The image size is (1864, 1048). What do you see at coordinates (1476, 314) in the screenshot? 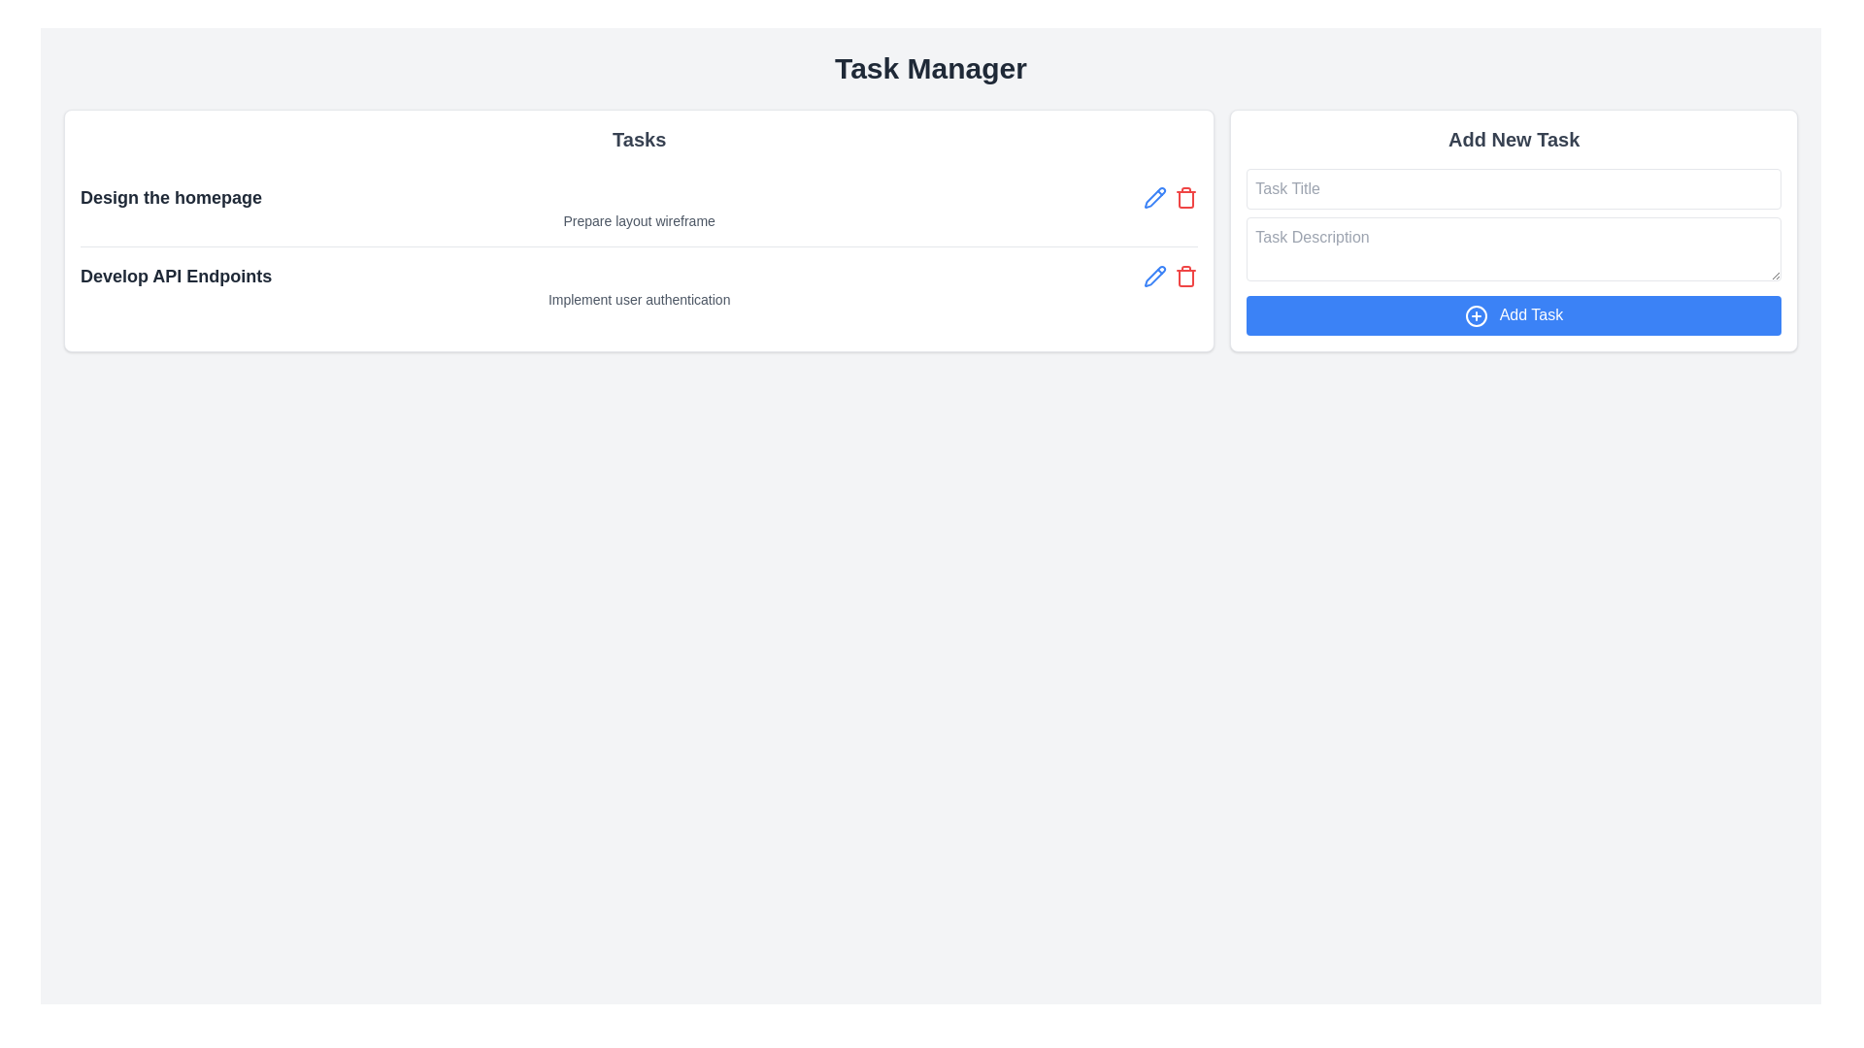
I see `the 'Add Task' icon located on the left side of the 'Add New Task' button, which is part of the right section of the interface` at bounding box center [1476, 314].